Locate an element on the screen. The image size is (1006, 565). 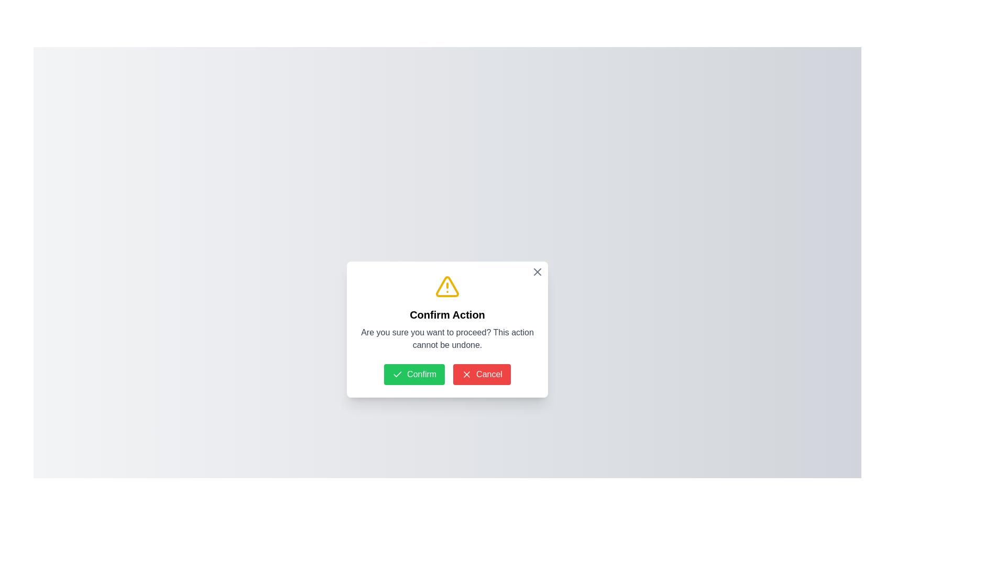
warning message displayed in the second text block of the modal dialog box, which asks if you are sure you want to proceed and indicates that the action cannot be undone is located at coordinates (447, 339).